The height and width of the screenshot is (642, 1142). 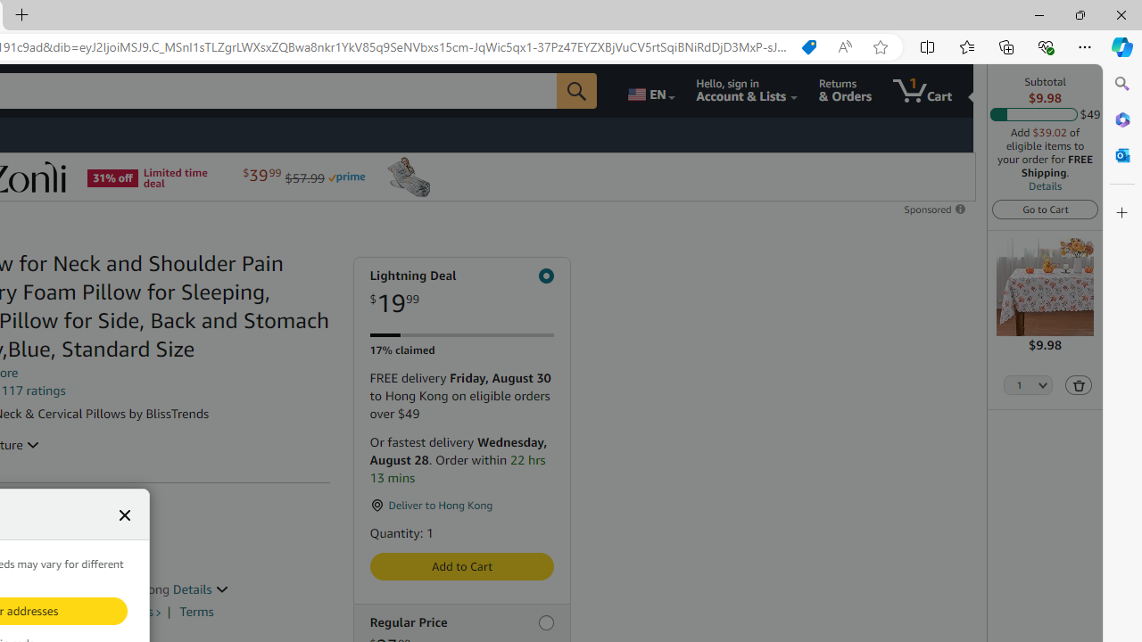 I want to click on 'Details', so click(x=1045, y=185).